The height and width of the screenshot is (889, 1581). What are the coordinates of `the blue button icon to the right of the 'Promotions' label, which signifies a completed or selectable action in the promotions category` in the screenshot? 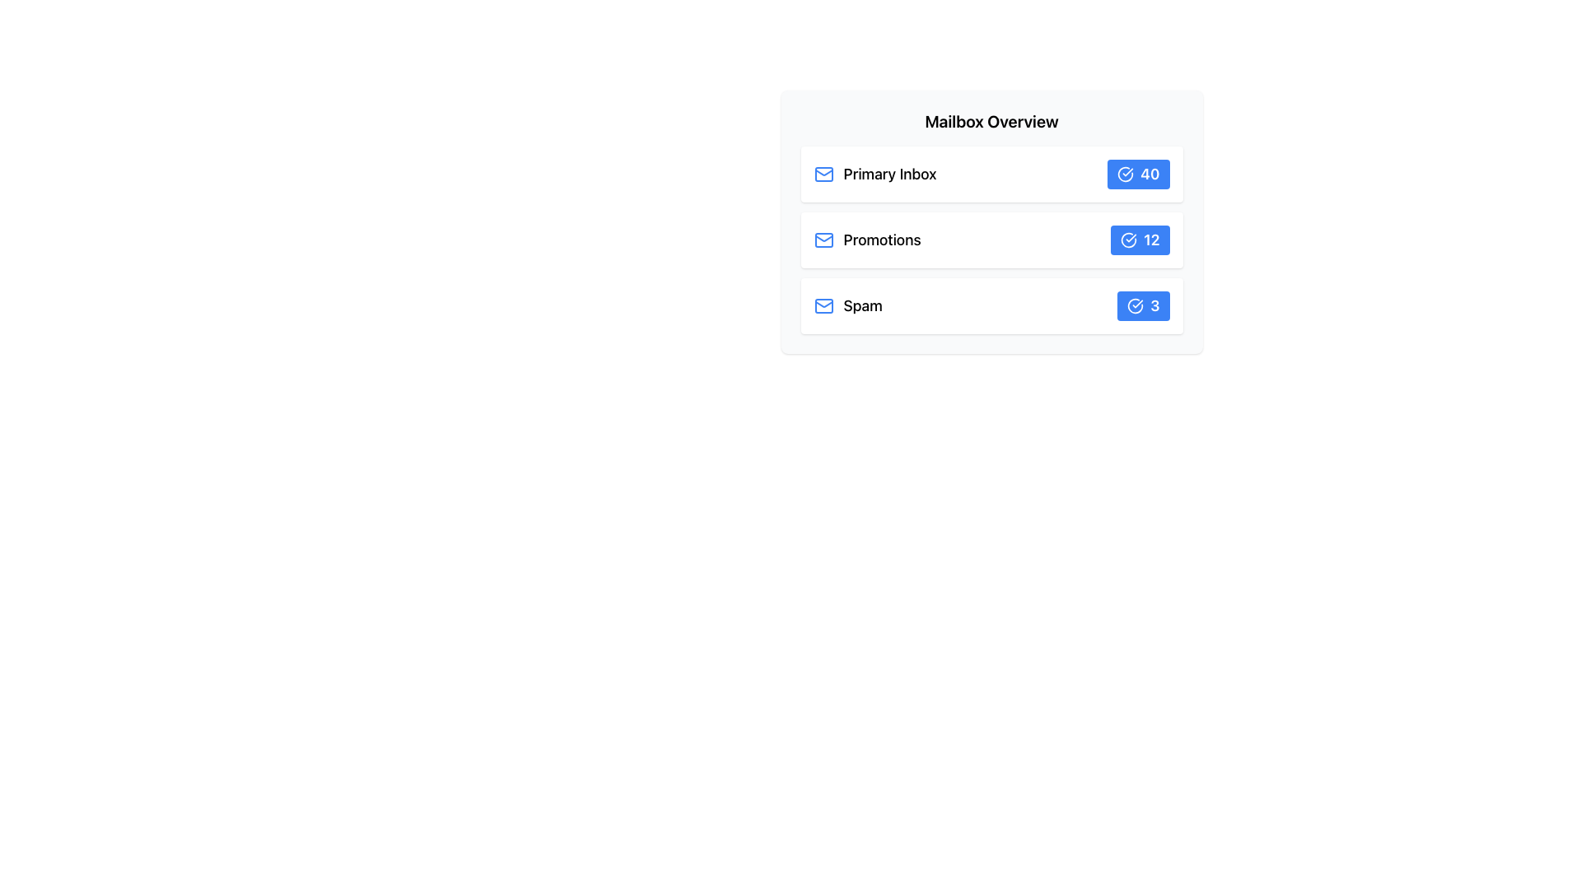 It's located at (1128, 240).